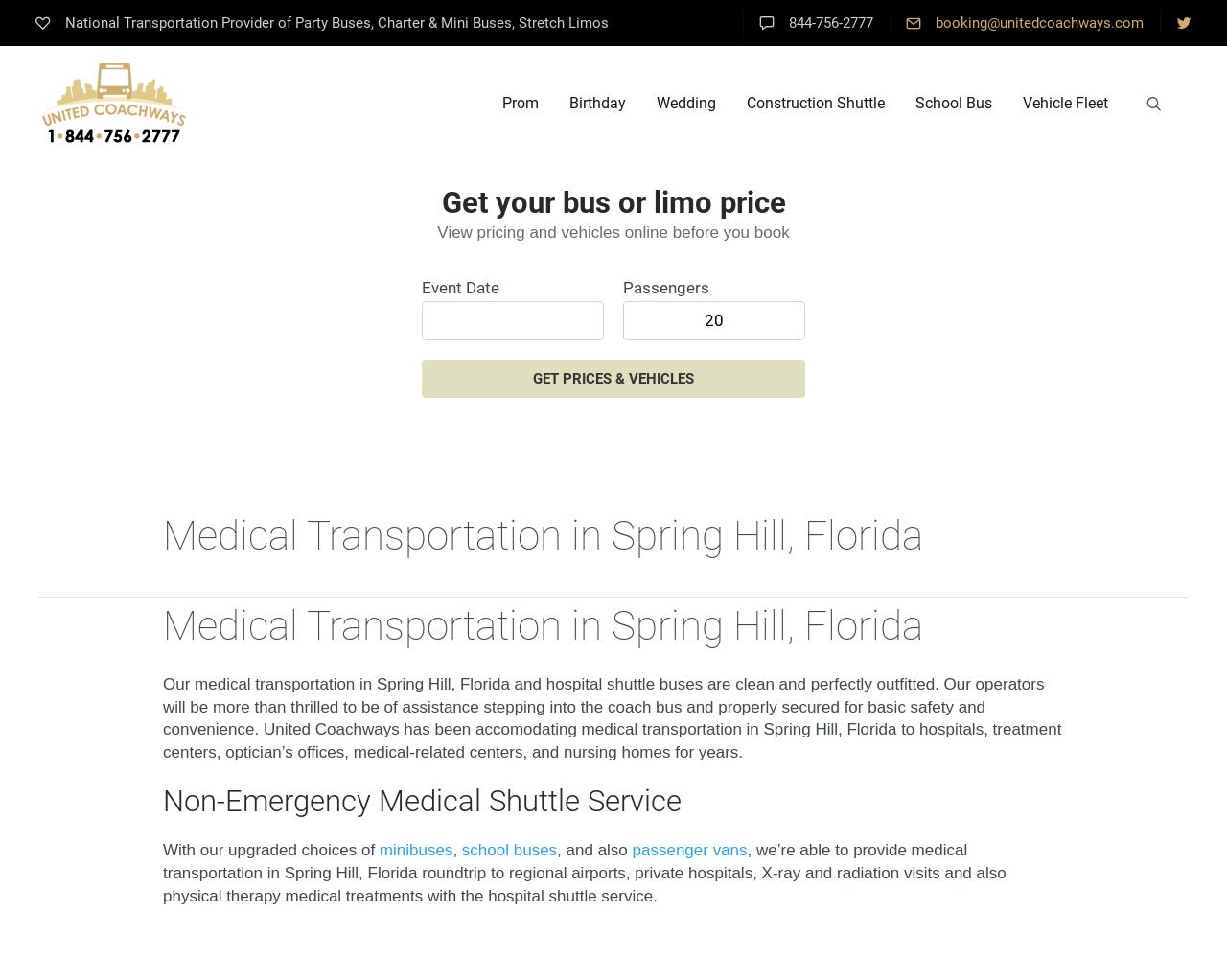 This screenshot has width=1227, height=959. Describe the element at coordinates (414, 849) in the screenshot. I see `'minibuses'` at that location.